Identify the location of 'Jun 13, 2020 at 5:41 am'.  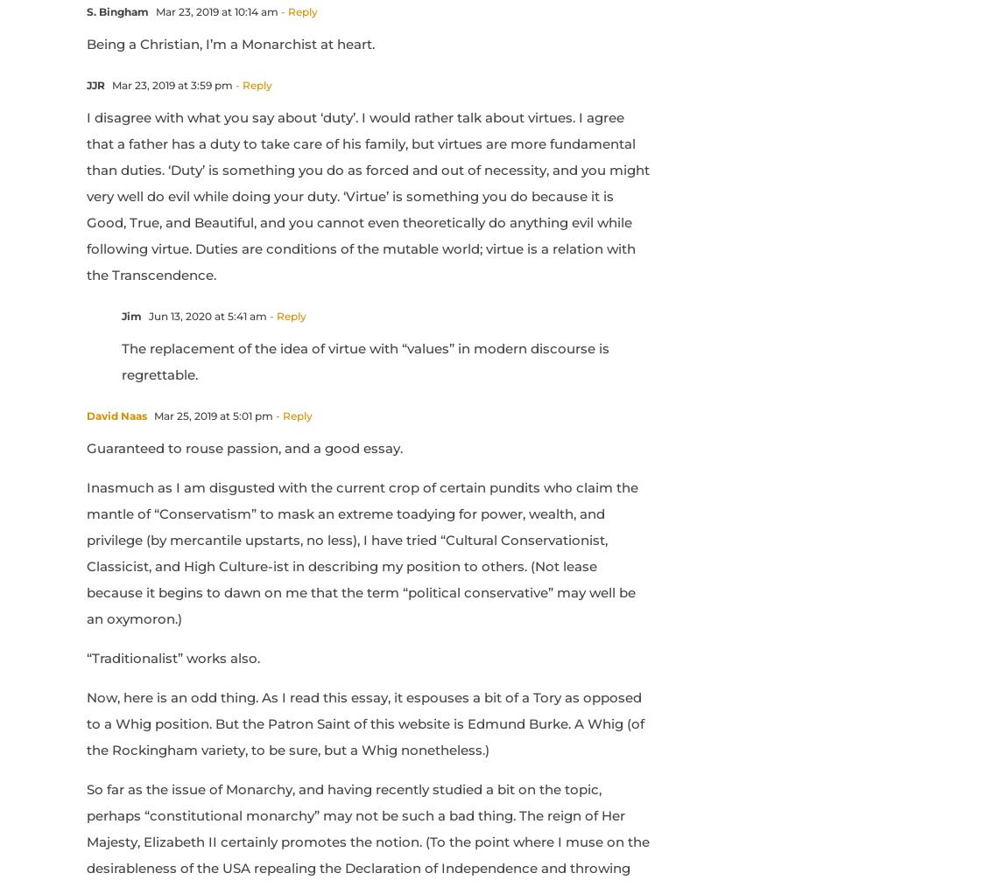
(205, 314).